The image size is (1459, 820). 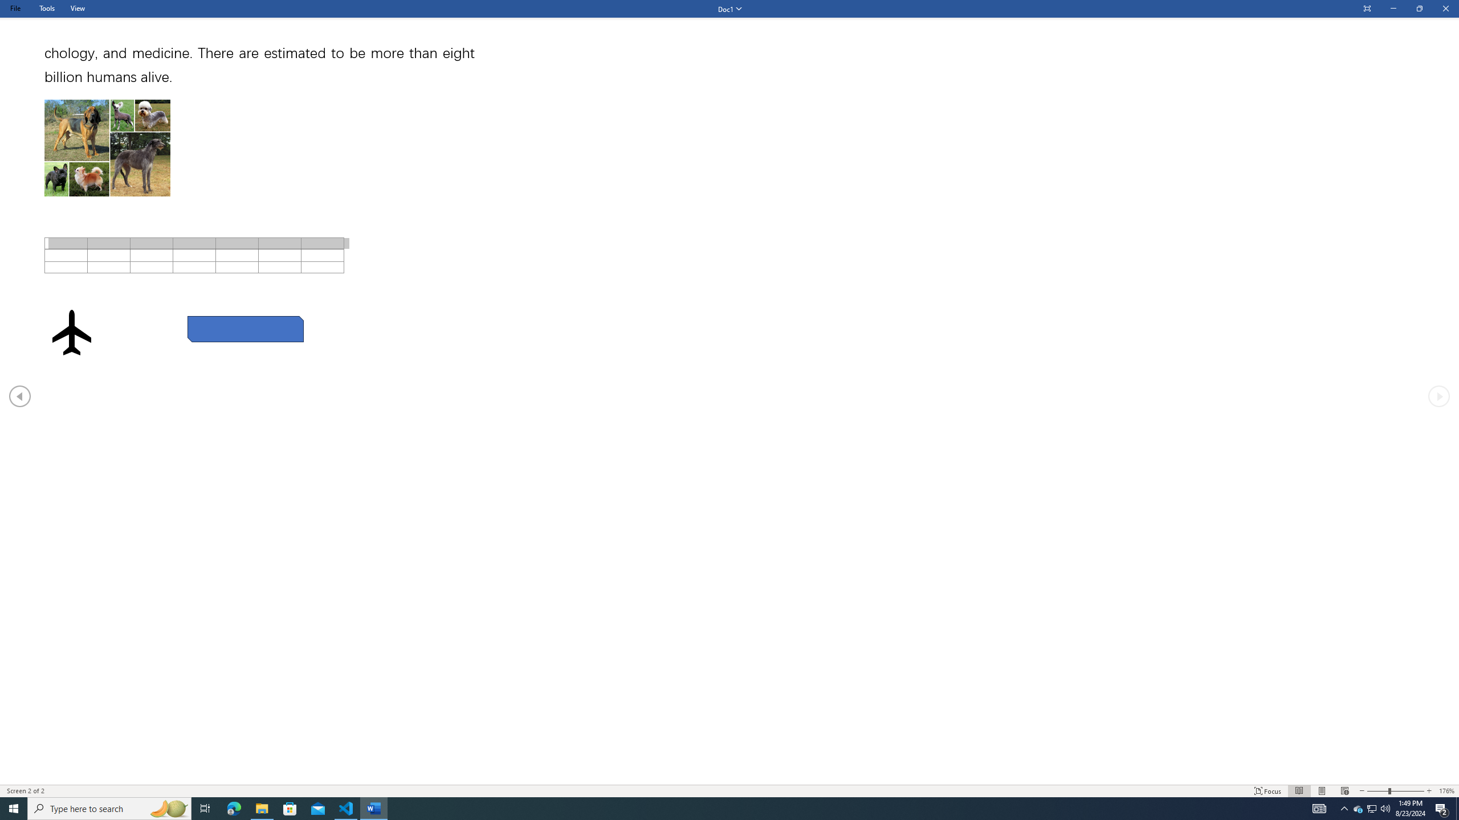 What do you see at coordinates (1395, 791) in the screenshot?
I see `'Text Size'` at bounding box center [1395, 791].